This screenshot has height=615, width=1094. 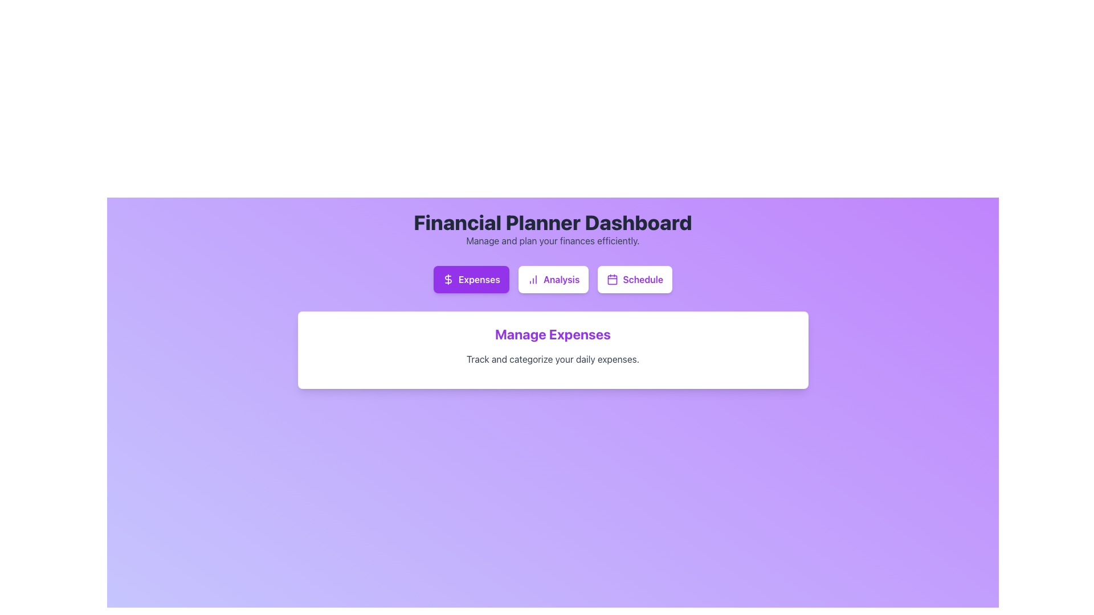 I want to click on the 'Schedule' button located within the third button from the left in the horizontal row below the 'Financial Planner Dashboard' title, so click(x=643, y=279).